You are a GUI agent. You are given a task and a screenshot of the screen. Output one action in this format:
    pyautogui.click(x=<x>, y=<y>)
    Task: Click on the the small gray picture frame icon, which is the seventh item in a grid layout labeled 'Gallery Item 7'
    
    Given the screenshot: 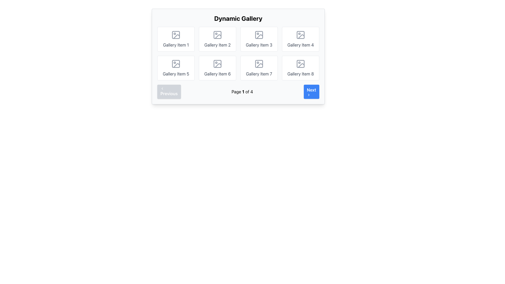 What is the action you would take?
    pyautogui.click(x=259, y=64)
    